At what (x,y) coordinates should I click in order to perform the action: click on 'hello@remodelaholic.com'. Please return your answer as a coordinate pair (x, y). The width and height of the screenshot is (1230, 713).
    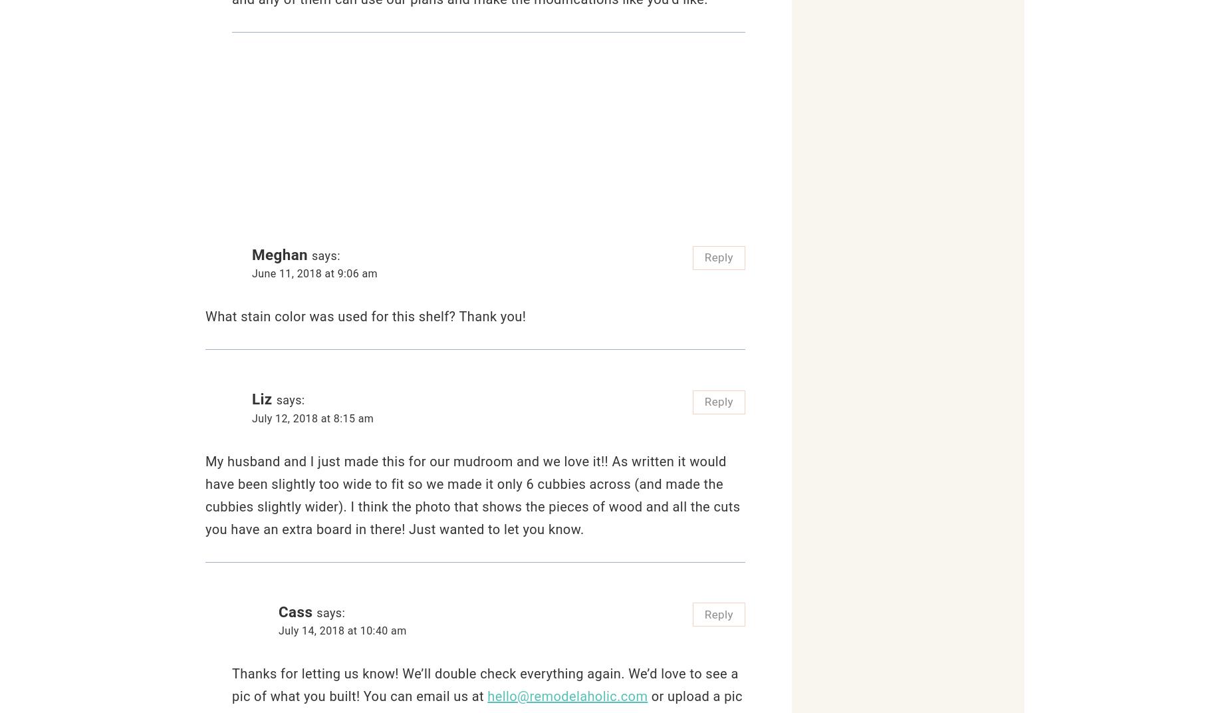
    Looking at the image, I should click on (567, 696).